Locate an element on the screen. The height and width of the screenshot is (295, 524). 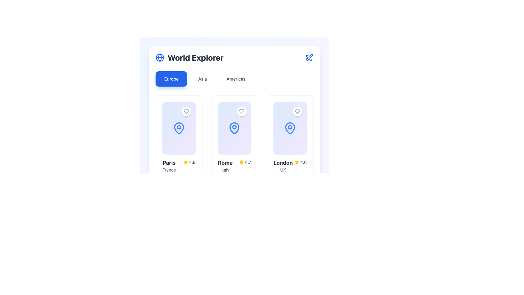
the informational section displaying 'Rome', 'Italy', and '4.7' is located at coordinates (234, 166).